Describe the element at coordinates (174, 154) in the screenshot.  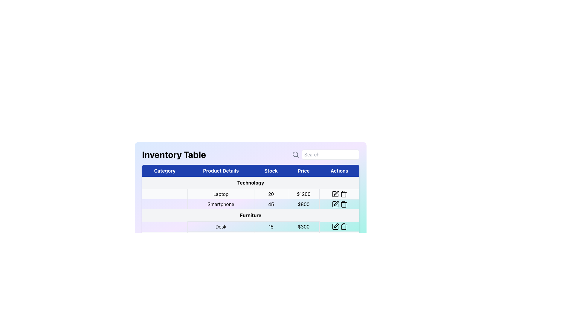
I see `the 'Inventory Table' text field, which is styled as a prominent title in large, bold black font and located near the top-left corner of the interface` at that location.